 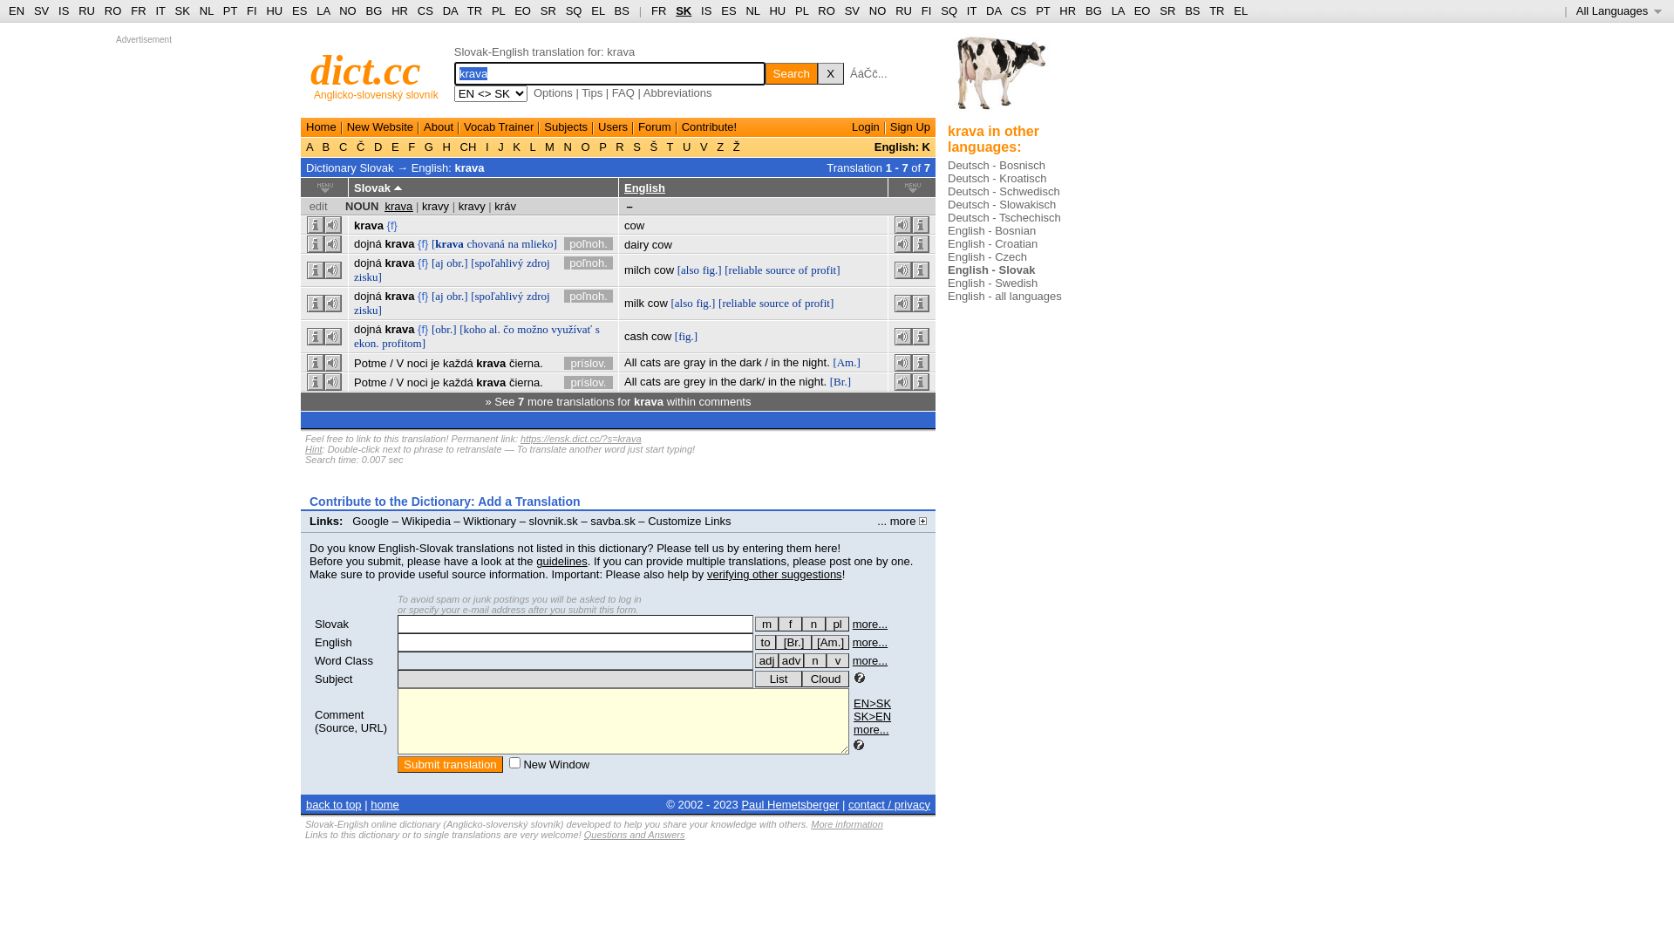 I want to click on 'ES', so click(x=728, y=10).